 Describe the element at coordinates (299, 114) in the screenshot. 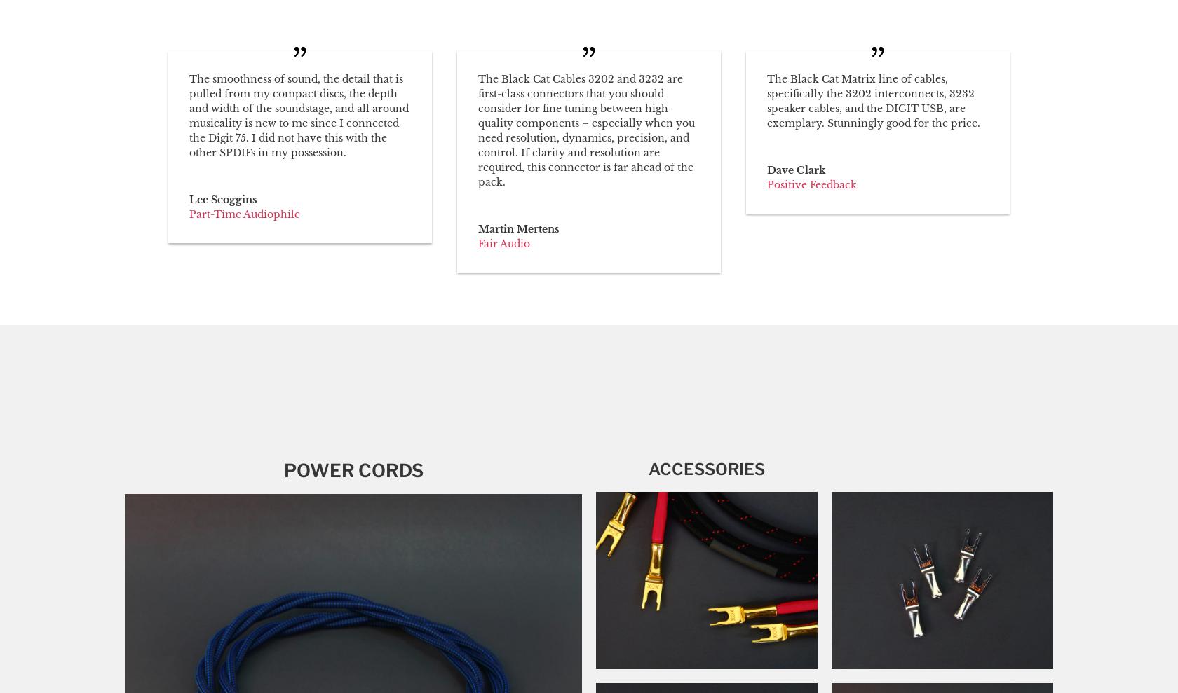

I see `'The smoothness of sound, the detail that is pulled from my compact discs, the depth and width of the soundstage, and all around musicality is new to me since I connected the Digit 75. I did not have this with the other SPDIFs in my possession.'` at that location.